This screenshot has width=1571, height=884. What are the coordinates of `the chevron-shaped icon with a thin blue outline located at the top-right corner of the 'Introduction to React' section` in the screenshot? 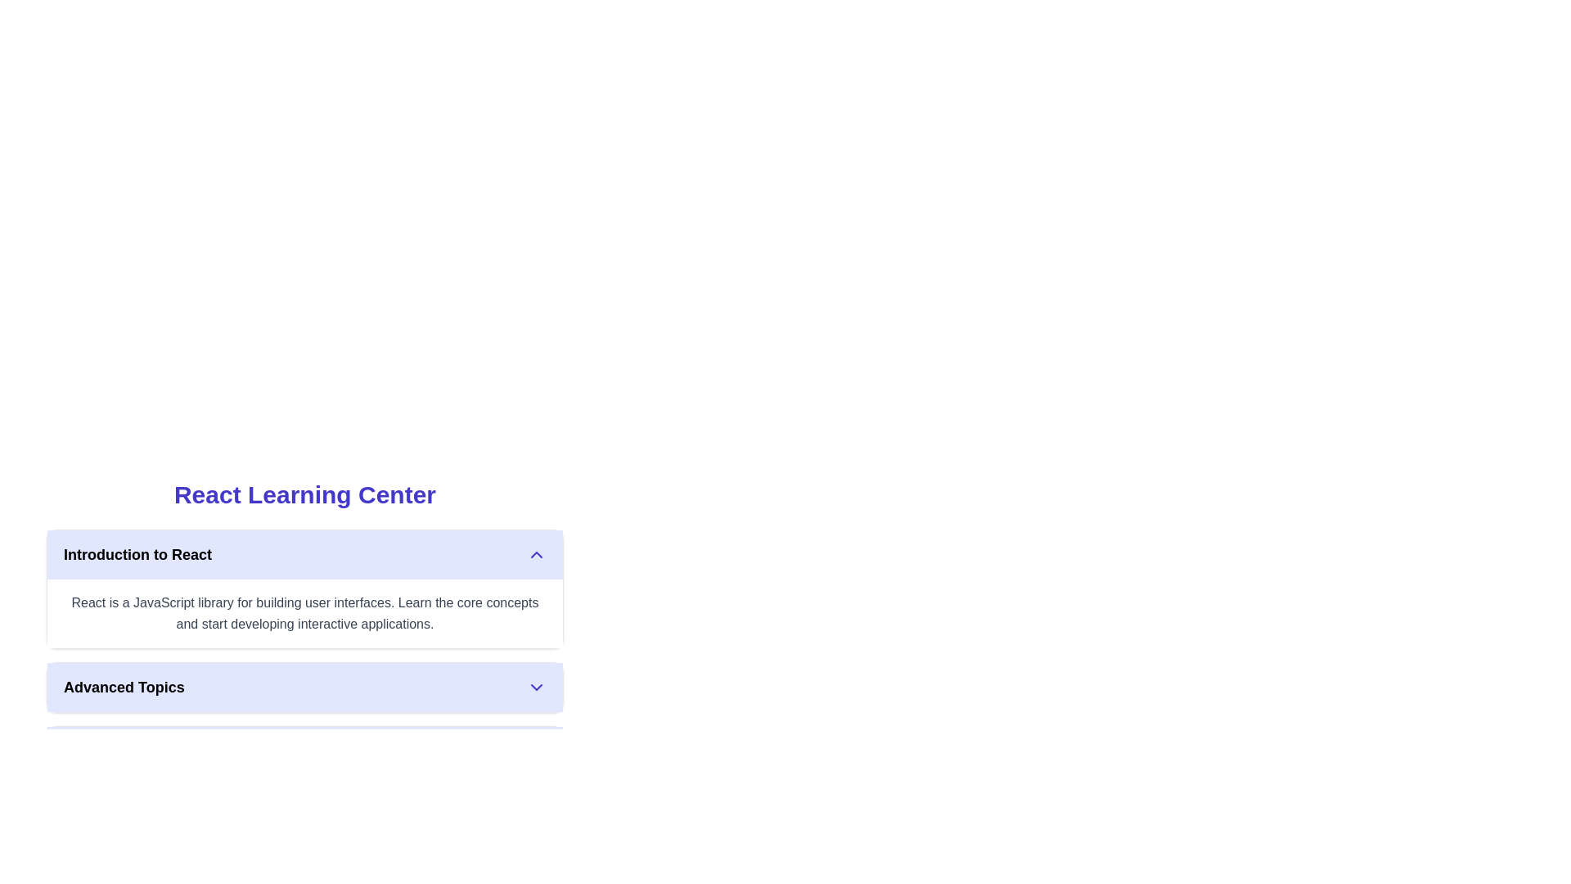 It's located at (537, 554).